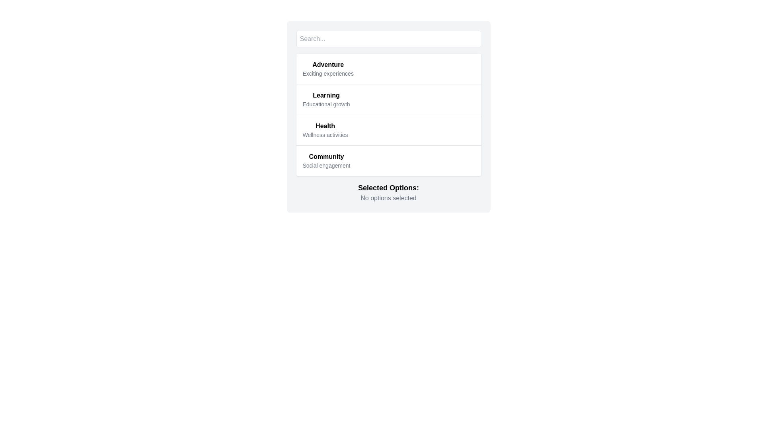 The image size is (764, 430). What do you see at coordinates (388, 197) in the screenshot?
I see `the feedback Text label indicating that no options have been selected yet, located in the 'Selected Options:' section under the main option list` at bounding box center [388, 197].